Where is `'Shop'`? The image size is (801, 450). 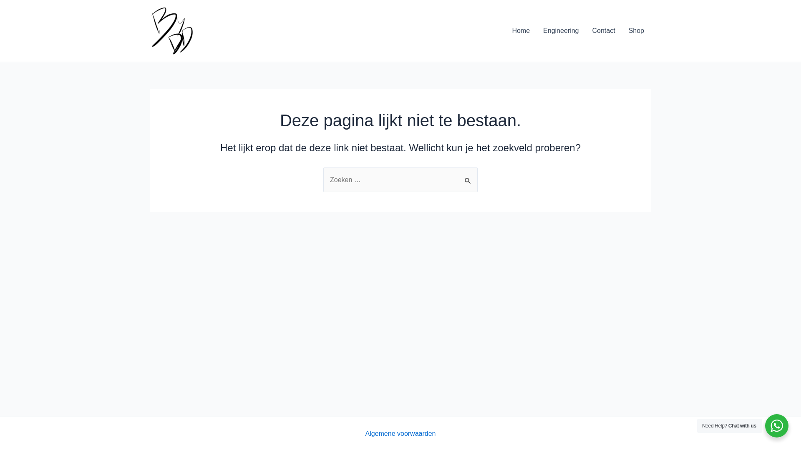 'Shop' is located at coordinates (636, 30).